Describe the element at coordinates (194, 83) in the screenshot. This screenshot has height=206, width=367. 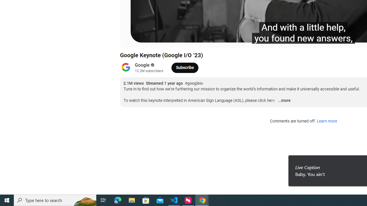
I see `'#googleio'` at that location.